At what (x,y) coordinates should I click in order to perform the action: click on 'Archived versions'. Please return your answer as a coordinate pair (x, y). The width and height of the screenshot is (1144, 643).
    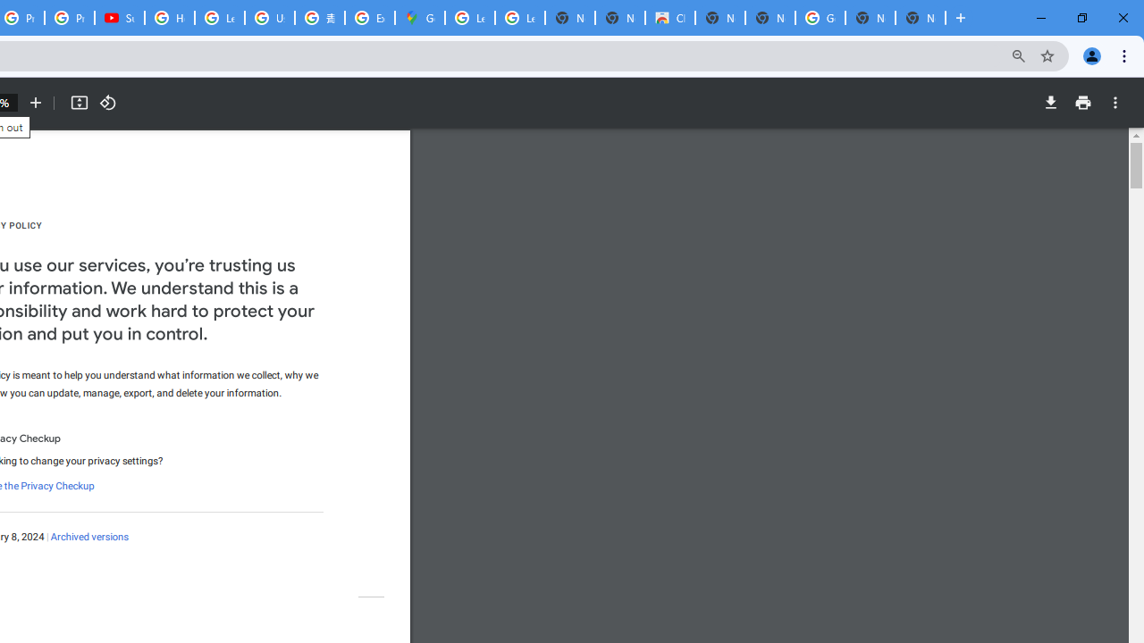
    Looking at the image, I should click on (88, 536).